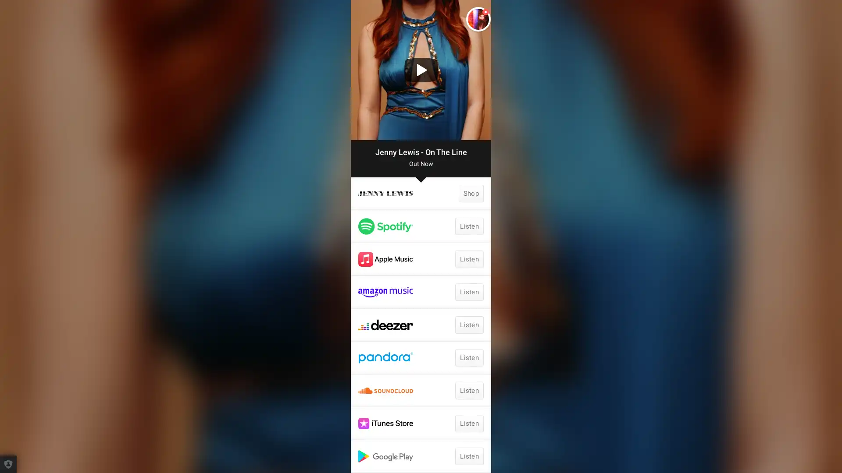  What do you see at coordinates (471, 193) in the screenshot?
I see `Shop` at bounding box center [471, 193].